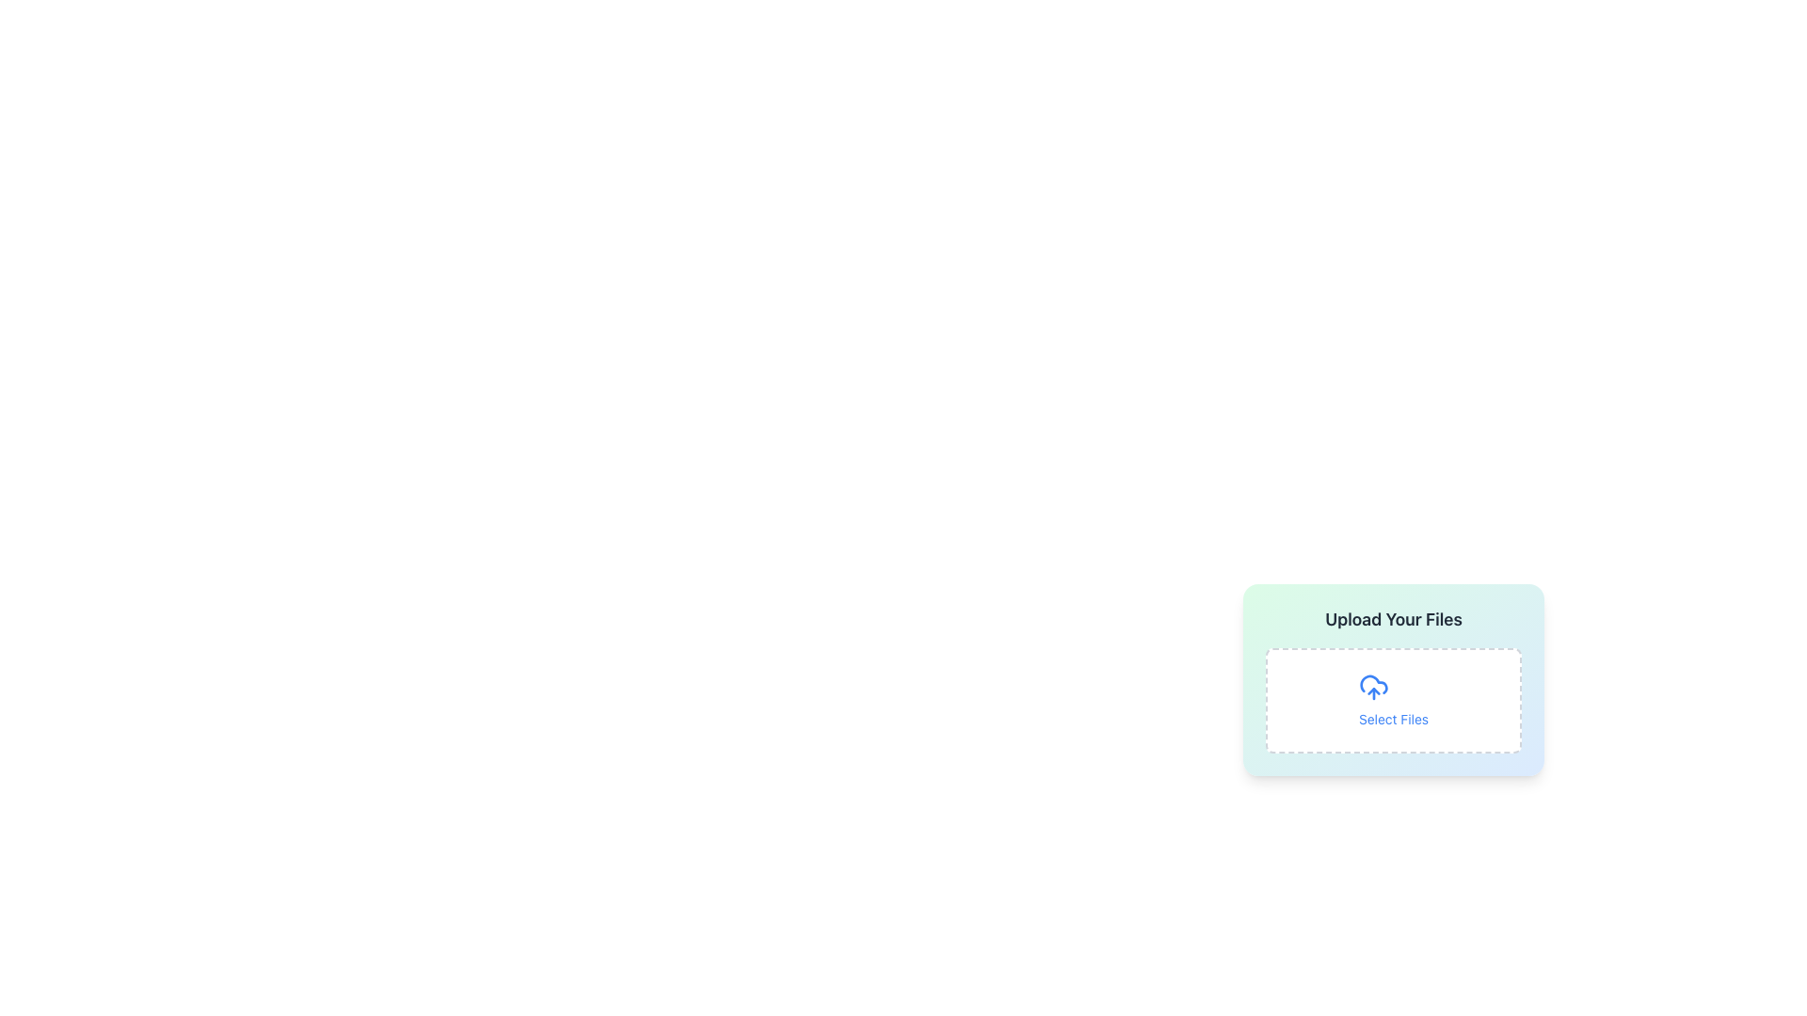 This screenshot has width=1807, height=1016. I want to click on the 'Select Files' section of the file upload interface to initiate file selection, so click(1394, 679).